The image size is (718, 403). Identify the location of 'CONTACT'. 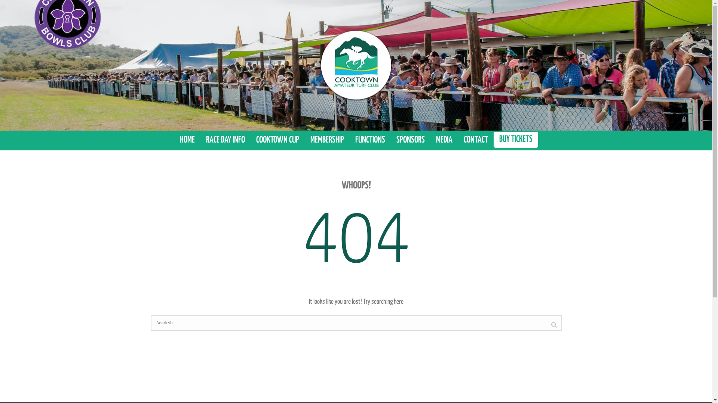
(475, 140).